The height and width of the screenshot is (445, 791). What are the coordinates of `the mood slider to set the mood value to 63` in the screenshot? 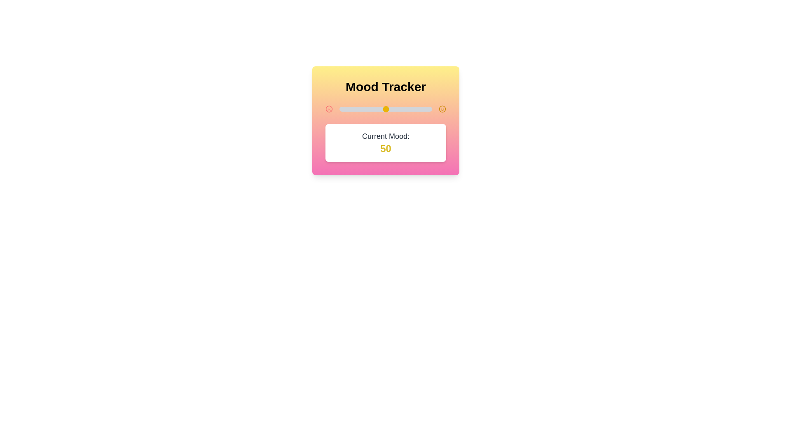 It's located at (398, 109).